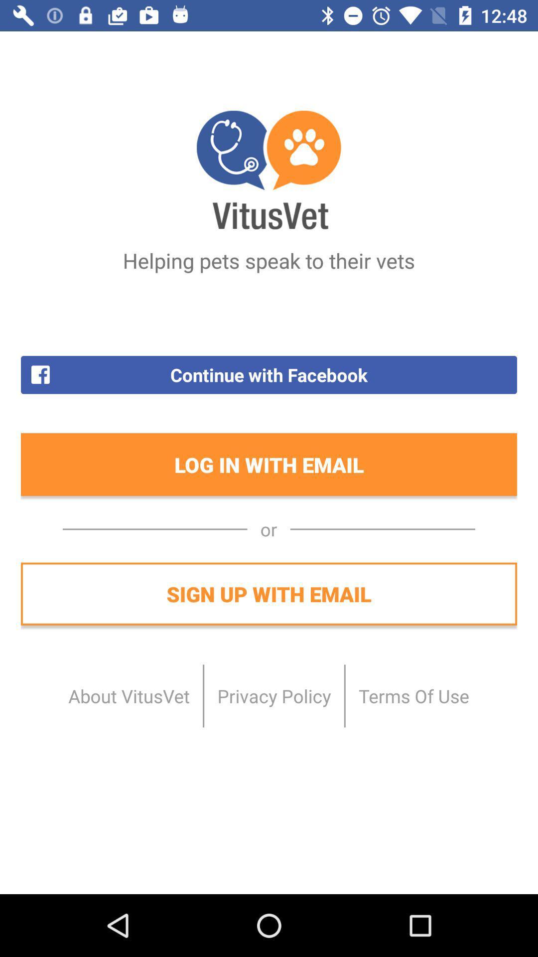 The height and width of the screenshot is (957, 538). What do you see at coordinates (274, 695) in the screenshot?
I see `privacy policy item` at bounding box center [274, 695].